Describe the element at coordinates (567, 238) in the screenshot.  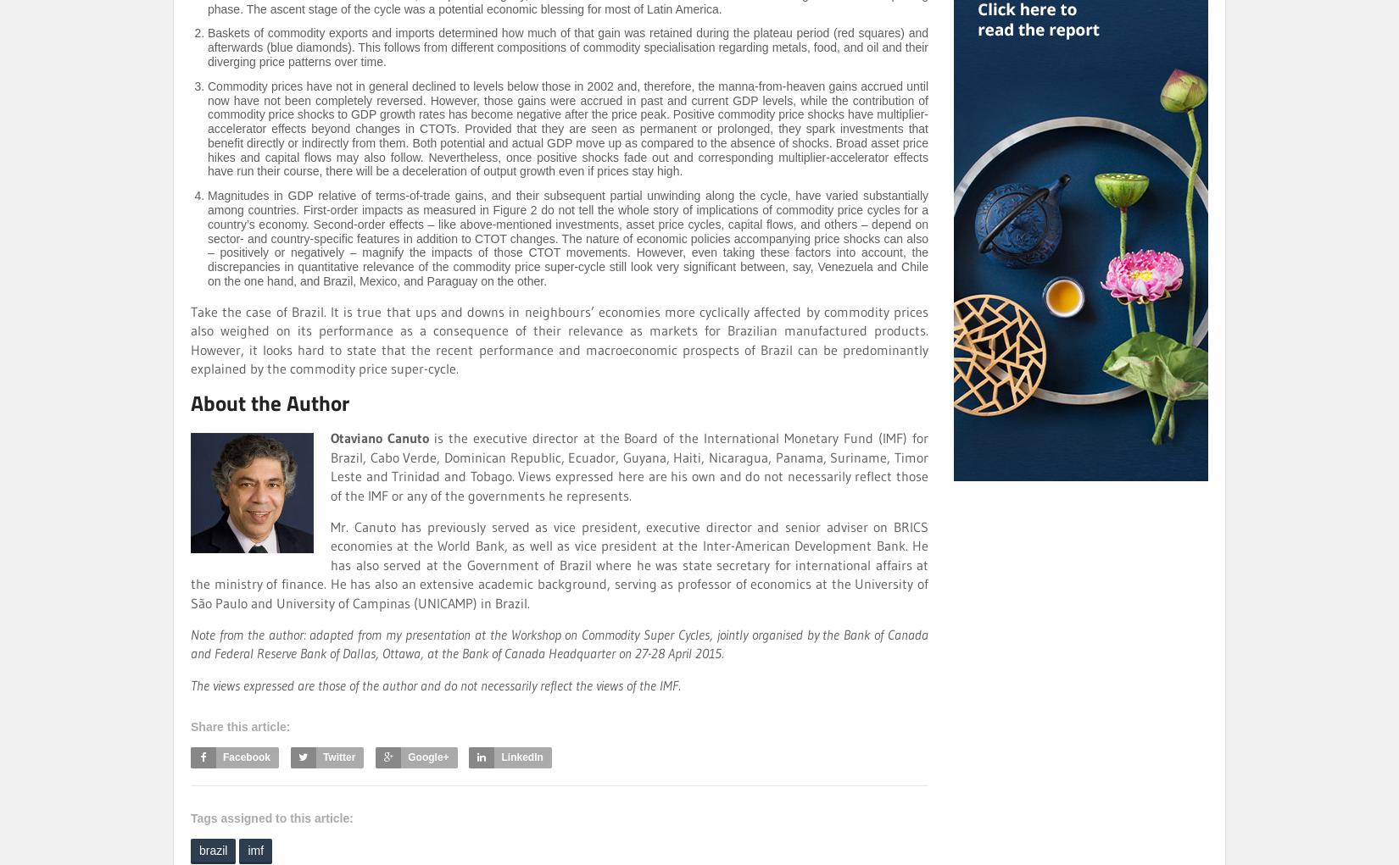
I see `'Magnitudes in GDP relative of terms-of-trade gains, and their subsequent partial unwinding along the cycle, have varied substantially among countries. First-order impacts as measured in Figure 2 do not tell the whole story of implications of commodity price cycles for a country’s economy. Second-order effects – like above-mentioned investments, asset price cycles, capital flows, and others – depend on sector- and country-specific features in addition to CTOT changes. The nature of economic policies accompanying price shocks can also – positively or negatively – magnify the impacts of those CTOT movements. However, even taking these factors into account, the discrepancies in quantitative relevance of the commodity price super-cycle still look very significant between, say, Venezuela and Chile on the one hand, and Brazil, Mexico, and Paraguay on the other.'` at that location.